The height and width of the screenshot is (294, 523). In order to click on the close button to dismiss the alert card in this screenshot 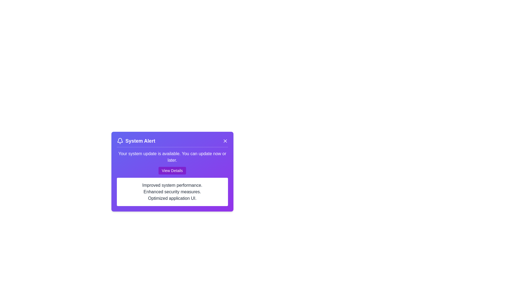, I will do `click(225, 140)`.